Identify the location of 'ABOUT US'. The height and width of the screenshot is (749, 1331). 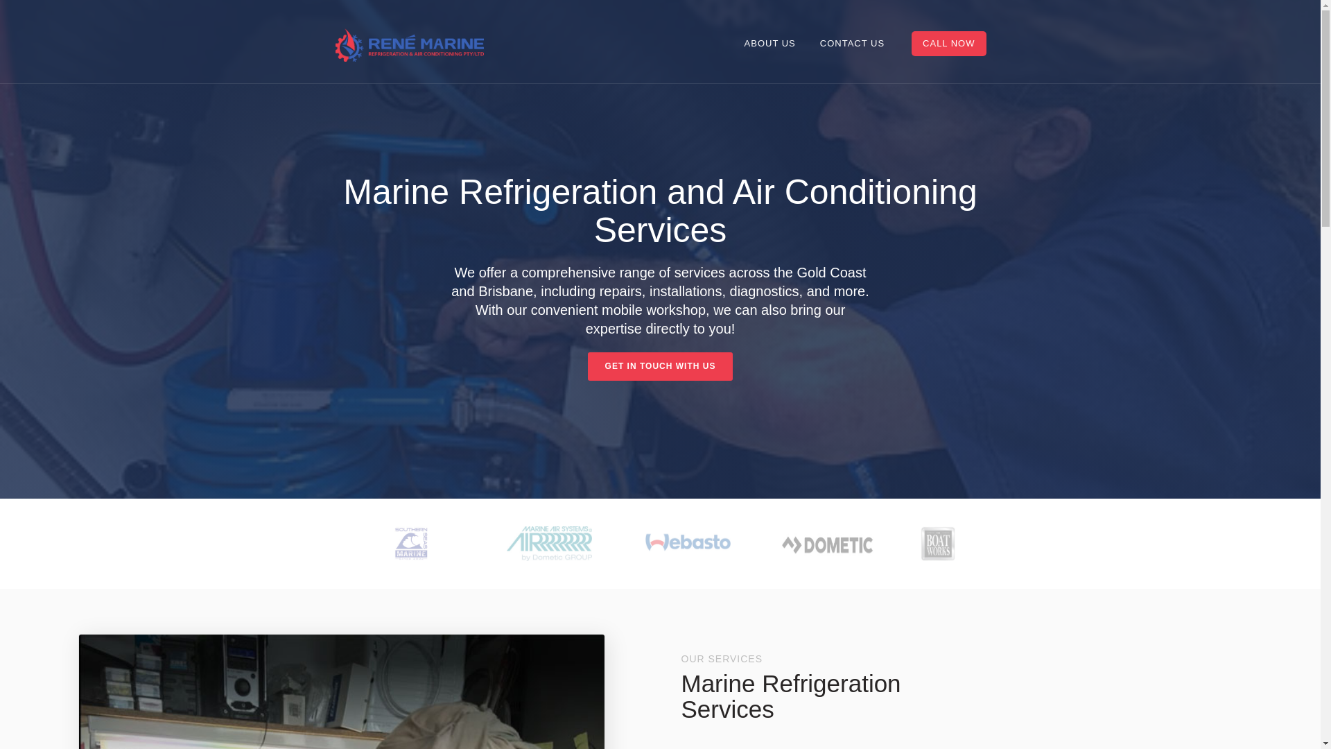
(732, 42).